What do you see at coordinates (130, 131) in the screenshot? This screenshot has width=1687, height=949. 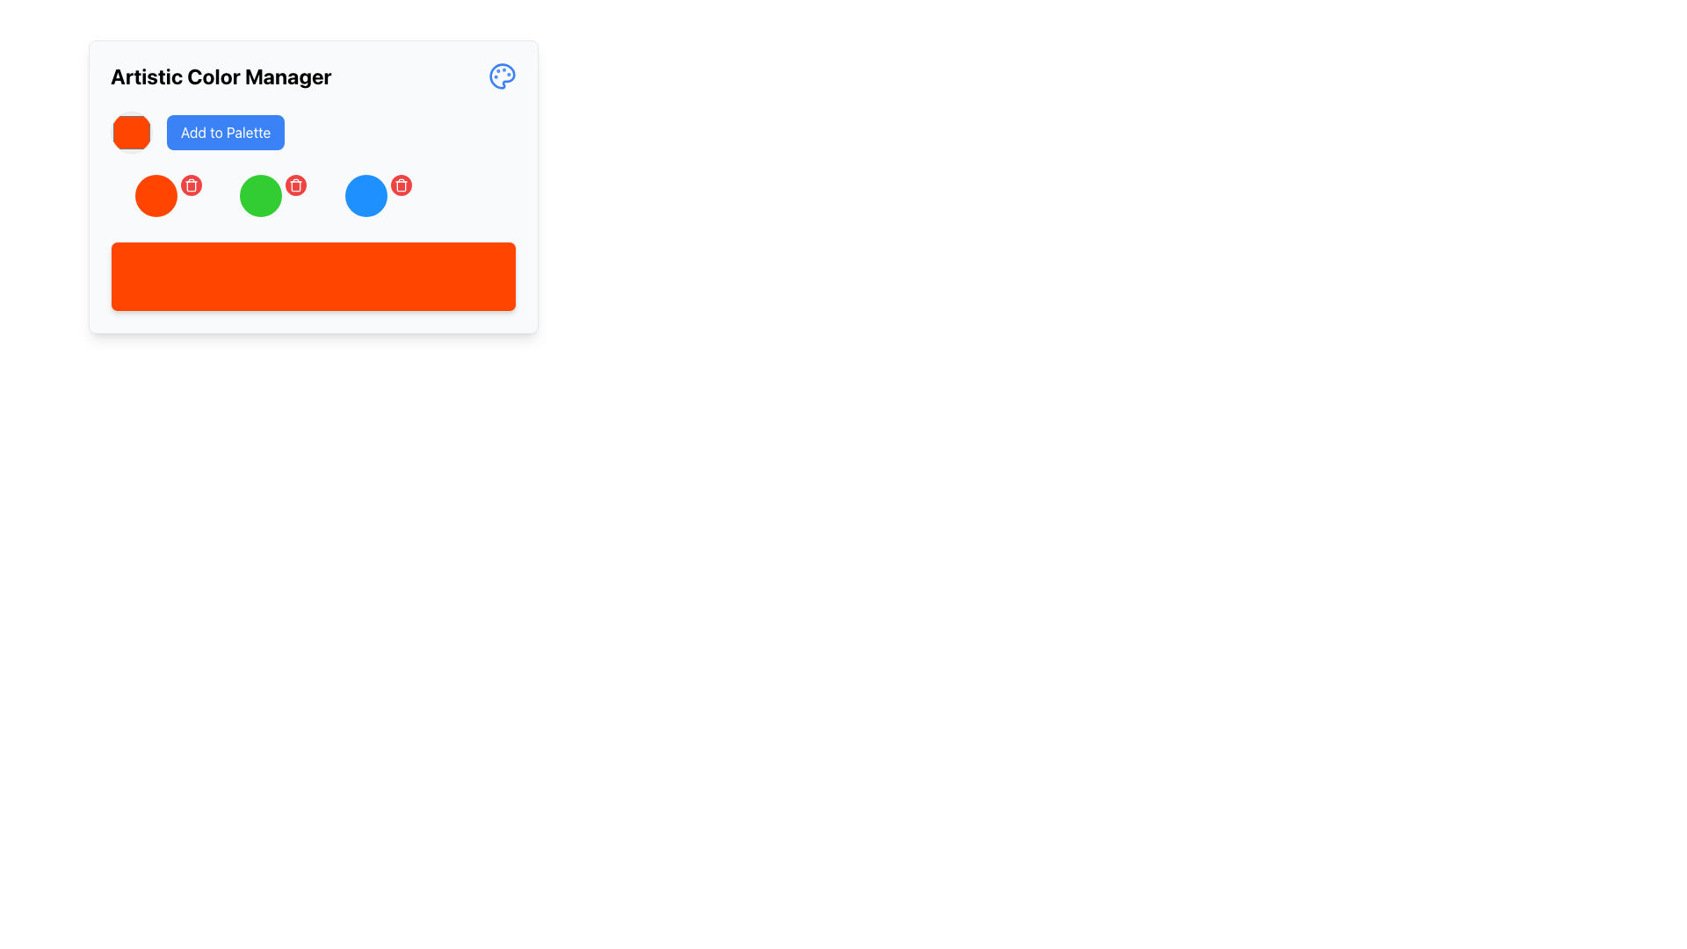 I see `the circular color selector with a red background and border` at bounding box center [130, 131].